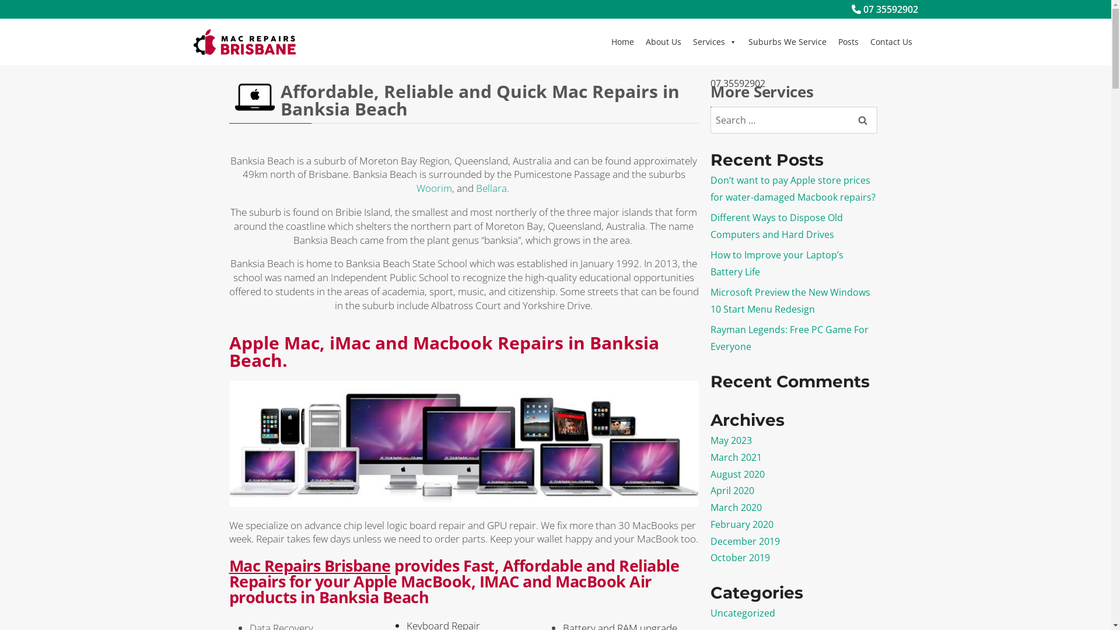 This screenshot has height=630, width=1120. I want to click on 'Rayman Legends: Free PC Game For Everyone', so click(789, 338).